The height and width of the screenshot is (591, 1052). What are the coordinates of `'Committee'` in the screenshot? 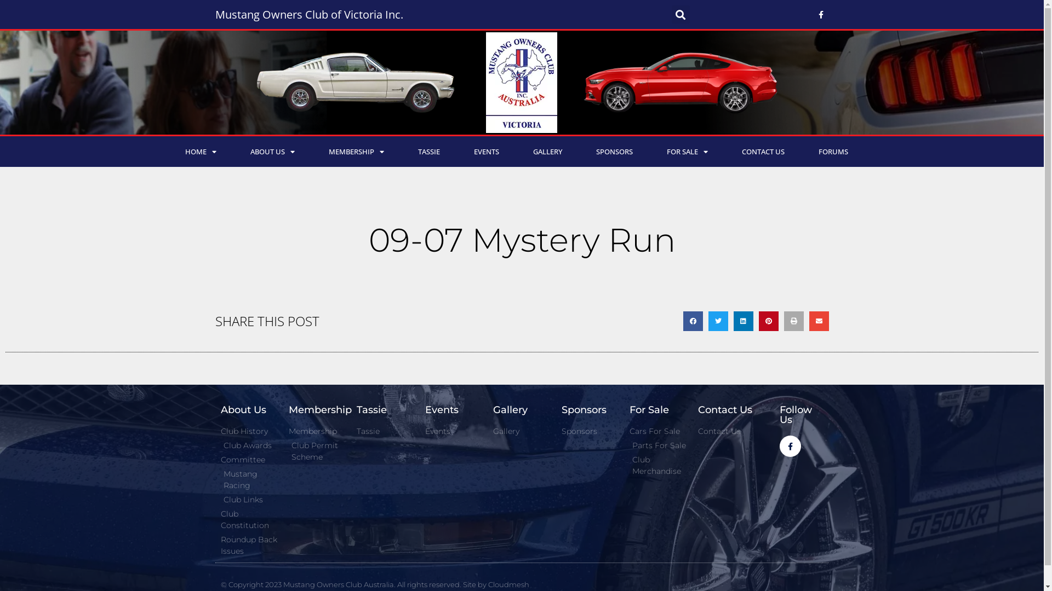 It's located at (248, 460).